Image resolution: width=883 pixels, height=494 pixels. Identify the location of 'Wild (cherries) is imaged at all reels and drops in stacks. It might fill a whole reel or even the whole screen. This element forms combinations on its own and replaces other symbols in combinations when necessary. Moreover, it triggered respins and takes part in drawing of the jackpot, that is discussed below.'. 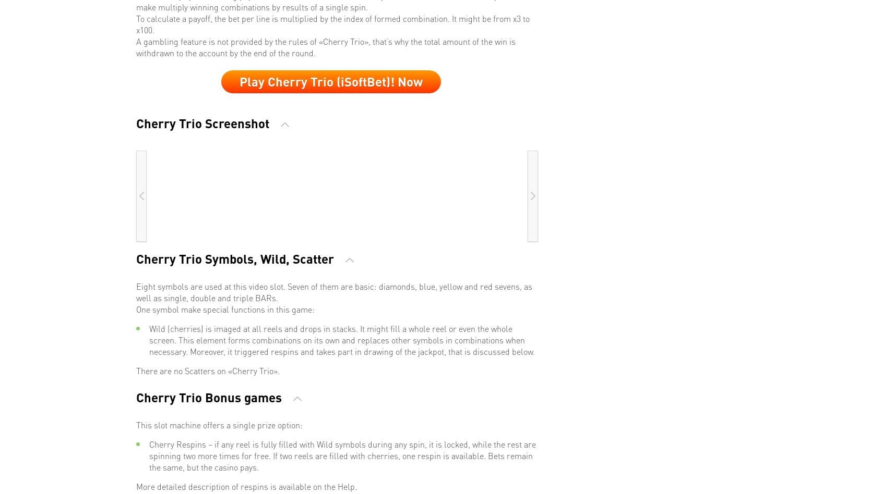
(342, 339).